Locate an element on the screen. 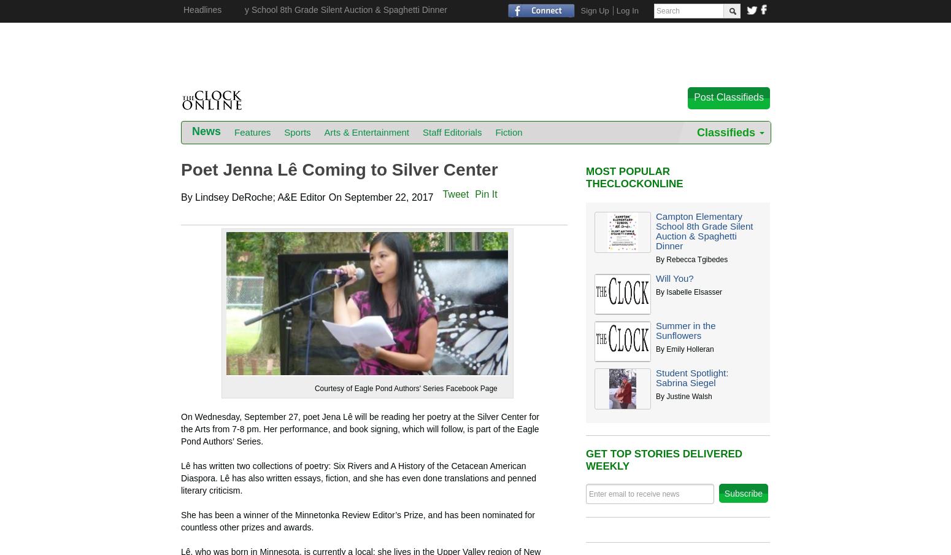 Image resolution: width=951 pixels, height=555 pixels. 'On Wednesday, September 27, poet Jena Lê will be reading her poetry at the Silver Center for the Arts from 7-8 pm. Her performance, and book signing, which will follow, is part of the Eagle Pond Authors’ Series.' is located at coordinates (360, 427).